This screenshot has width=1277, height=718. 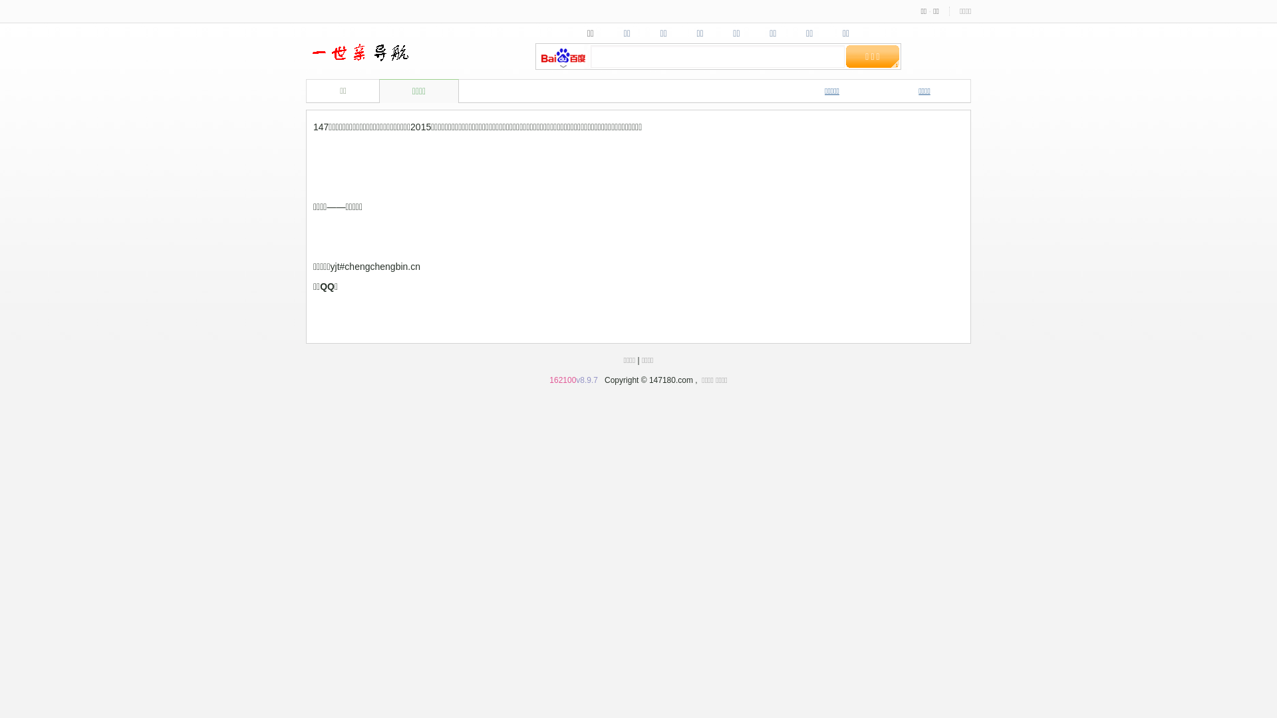 I want to click on '162100', so click(x=562, y=380).